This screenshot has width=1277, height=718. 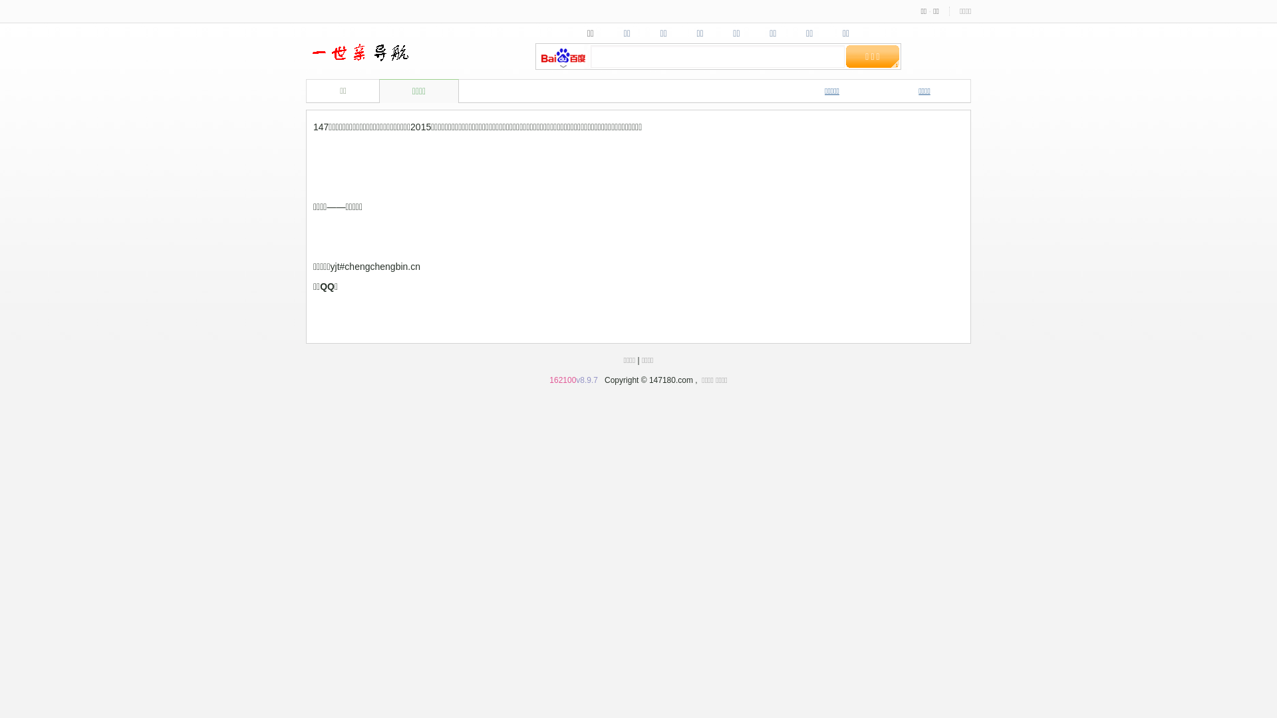 I want to click on '162100', so click(x=562, y=380).